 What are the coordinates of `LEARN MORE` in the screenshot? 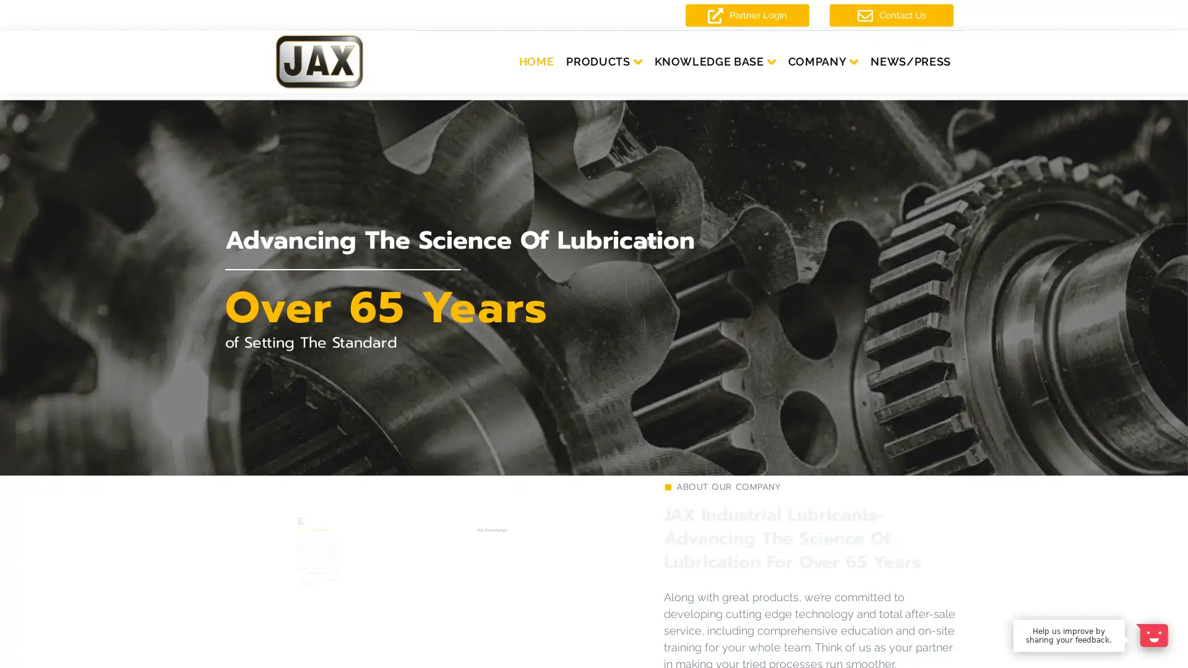 It's located at (469, 584).